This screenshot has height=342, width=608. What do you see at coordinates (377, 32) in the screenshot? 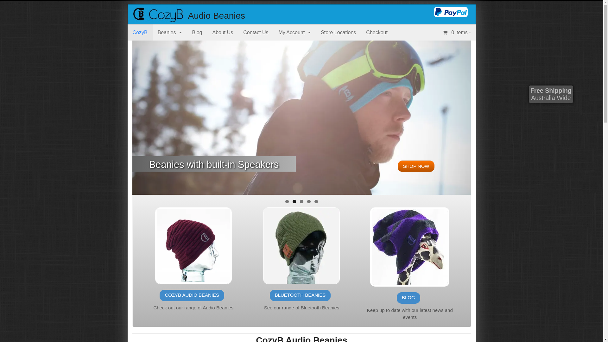
I see `'Checkout'` at bounding box center [377, 32].